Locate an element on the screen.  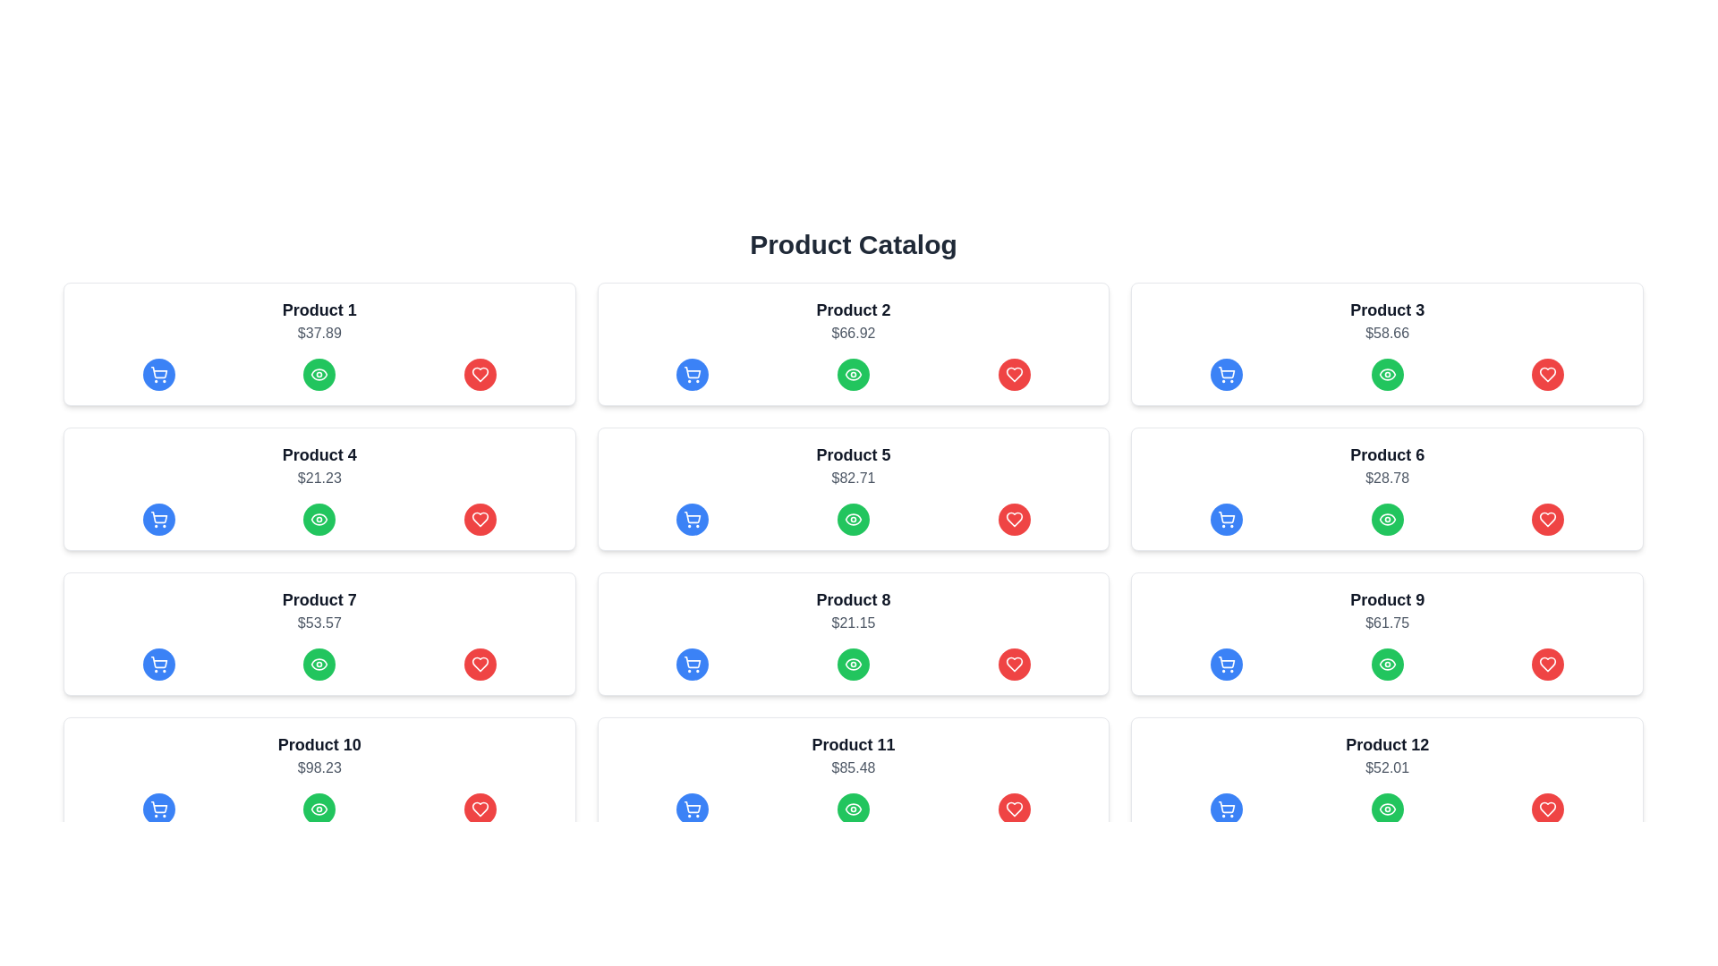
the circular red button with a white heart icon located in the rightmost slot among three buttons for marking the product as a favorite is located at coordinates (1014, 374).